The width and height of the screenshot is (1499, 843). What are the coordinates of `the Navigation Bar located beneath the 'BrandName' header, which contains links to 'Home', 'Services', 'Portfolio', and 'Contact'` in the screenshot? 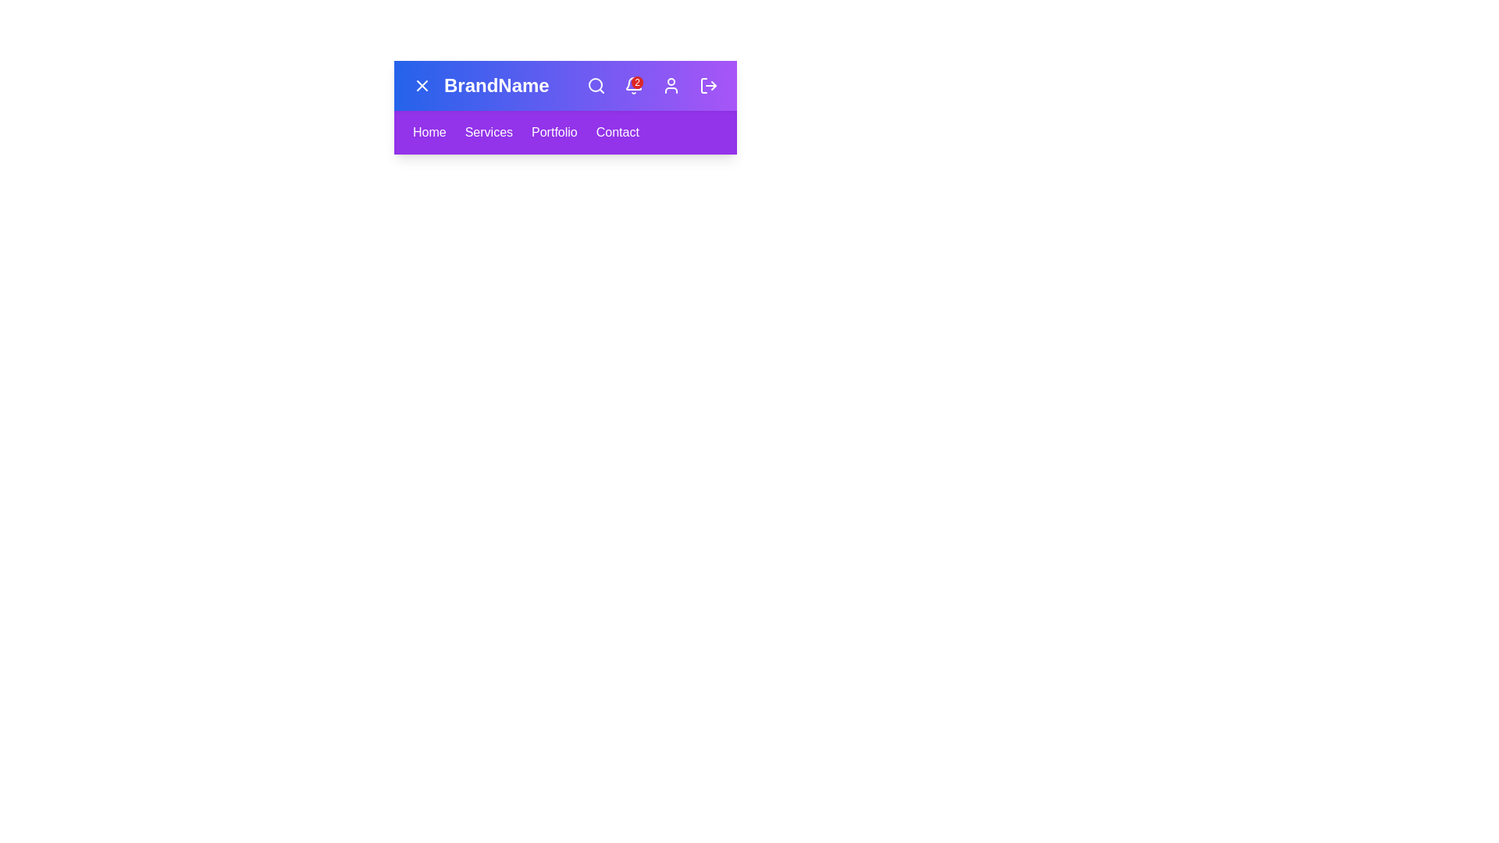 It's located at (564, 131).